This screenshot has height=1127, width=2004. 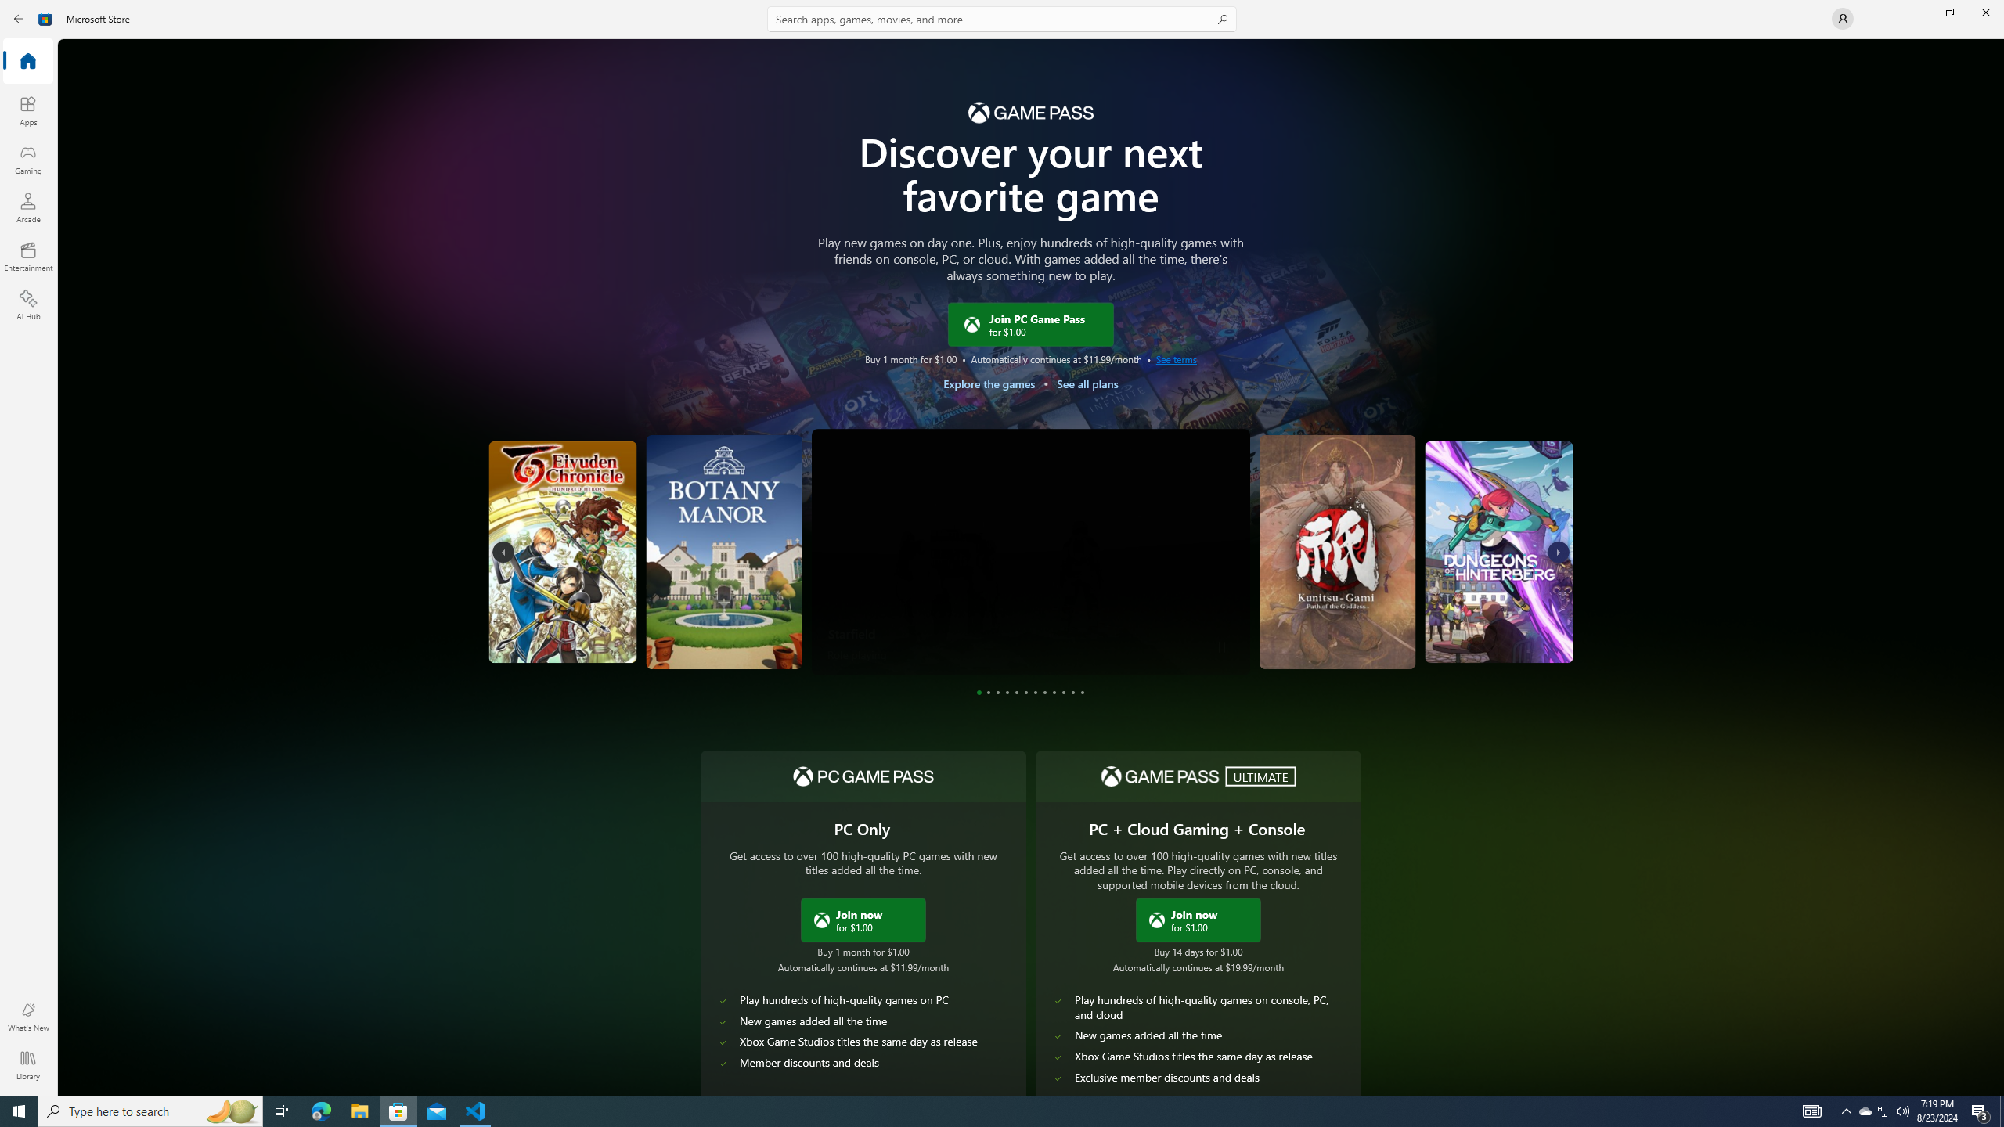 I want to click on 'Kunitsu-Gami: Path of the Goddess', so click(x=1340, y=551).